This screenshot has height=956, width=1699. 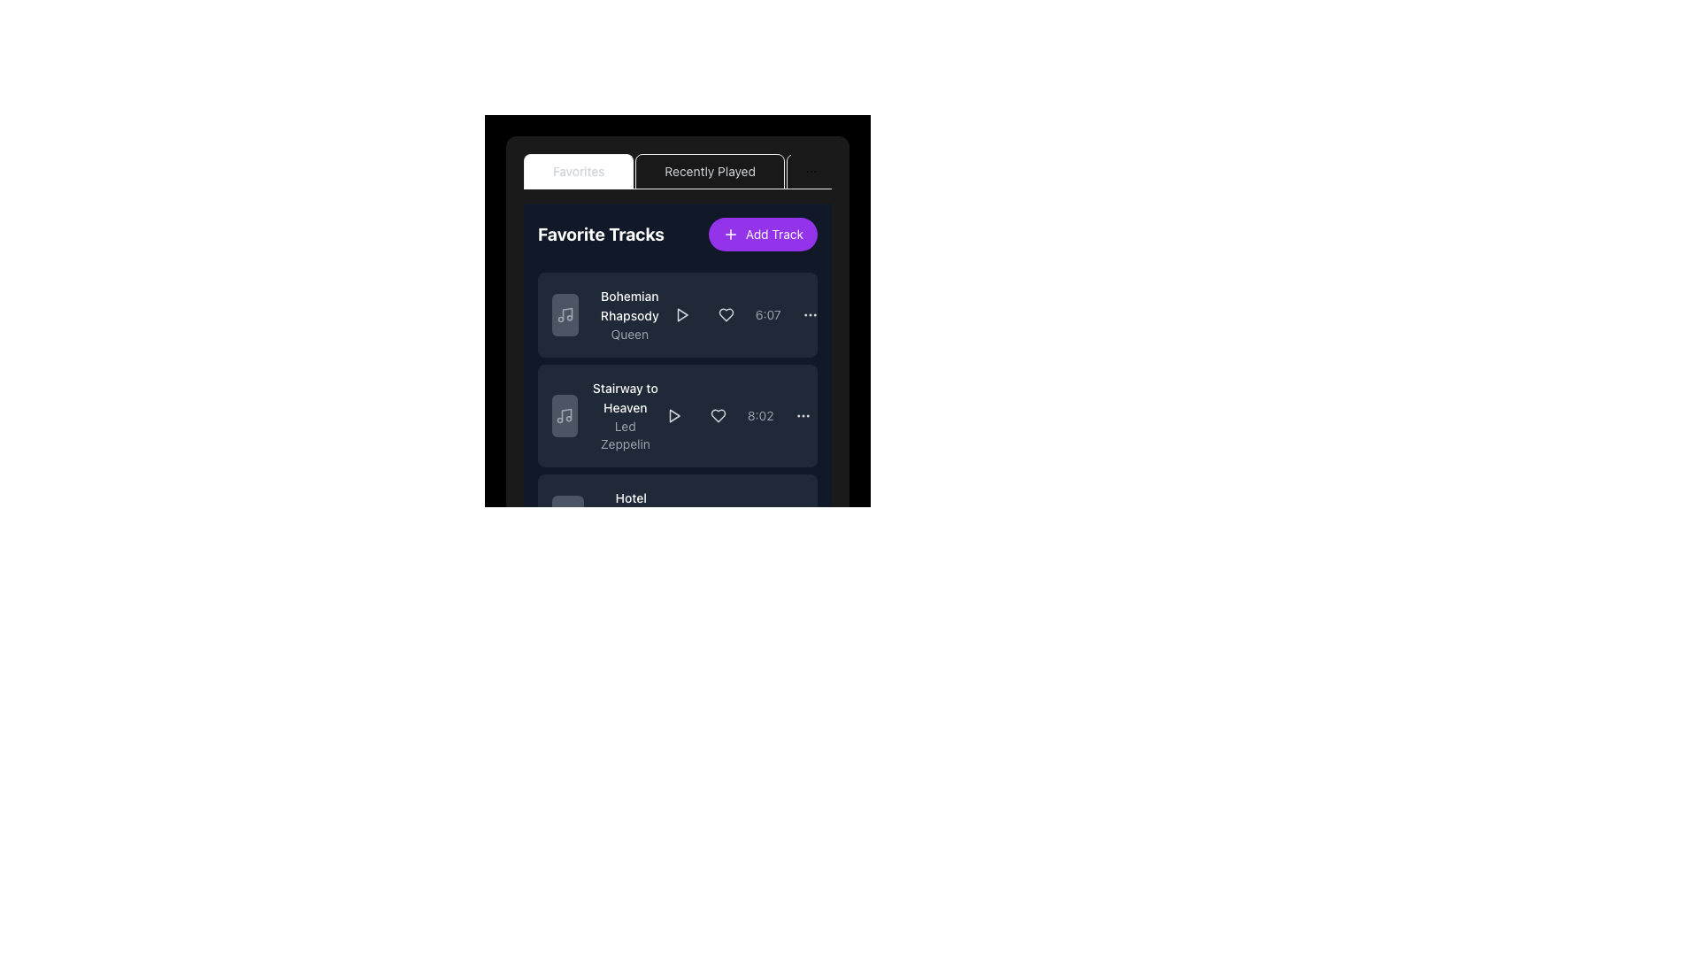 I want to click on the 'Bohemian Rhapsody' text display element, which features the title in white bold font and the artist 'Queen' in gray font, located in the 'Favorite Tracks' section, so click(x=609, y=313).